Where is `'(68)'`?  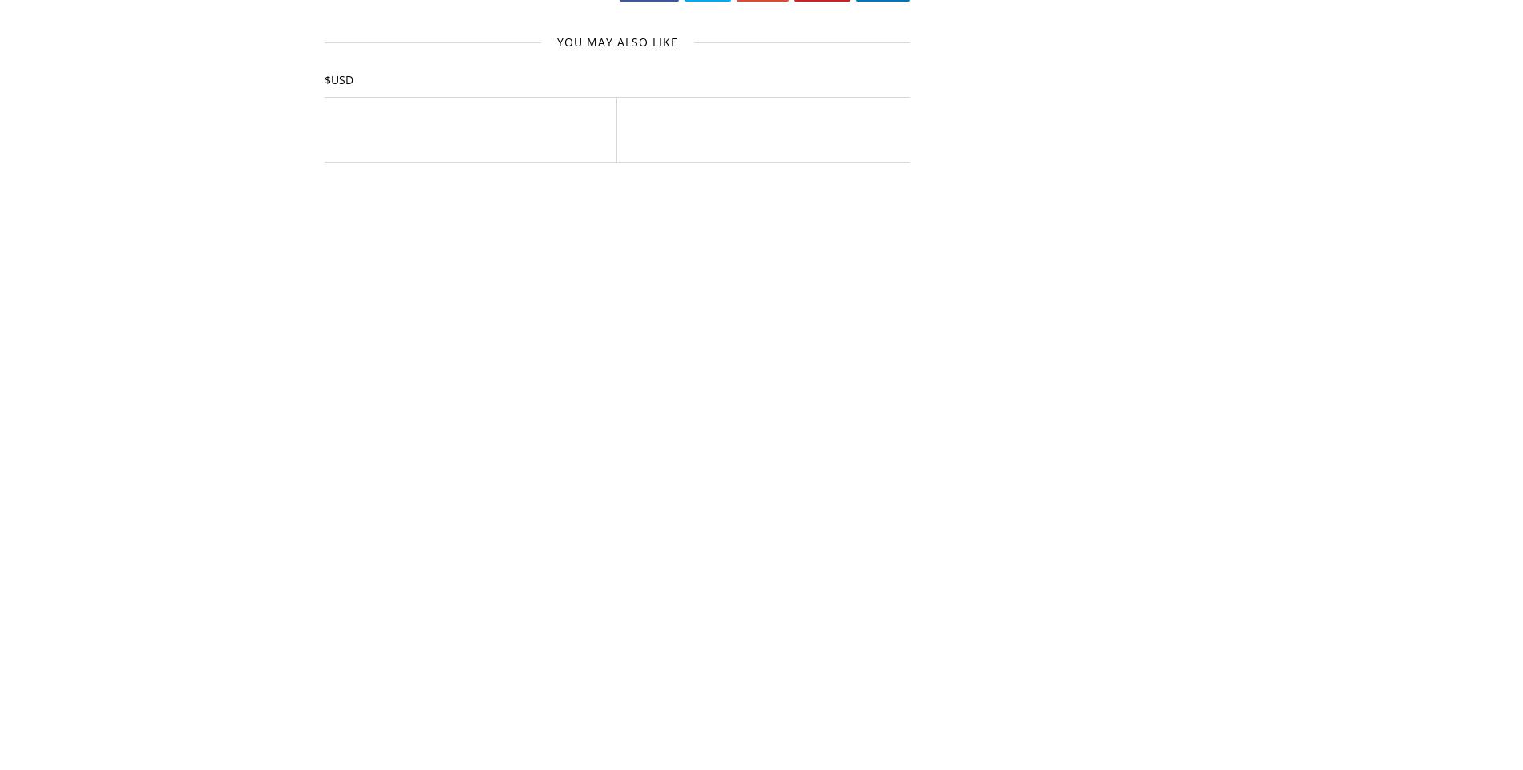
'(68)' is located at coordinates (1029, 636).